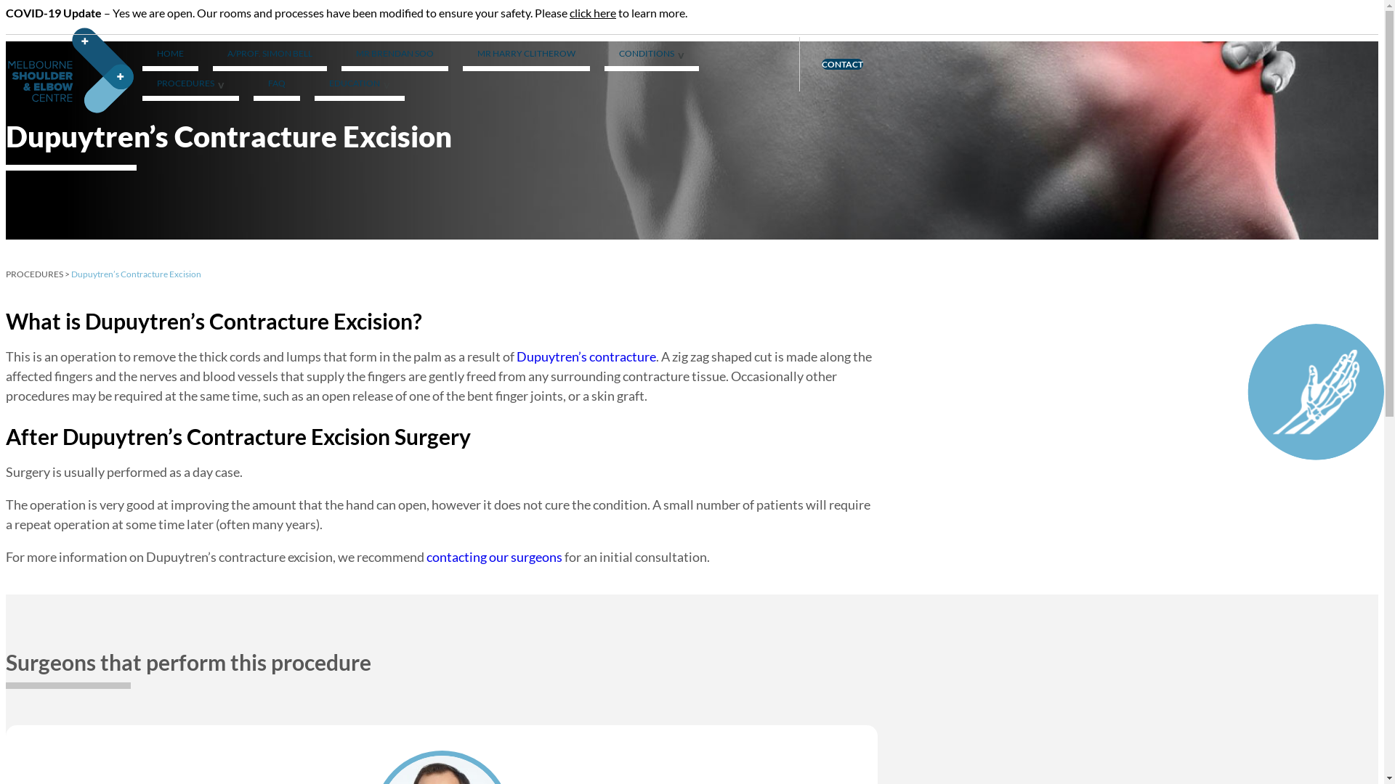 The image size is (1395, 784). Describe the element at coordinates (170, 55) in the screenshot. I see `'HOME'` at that location.